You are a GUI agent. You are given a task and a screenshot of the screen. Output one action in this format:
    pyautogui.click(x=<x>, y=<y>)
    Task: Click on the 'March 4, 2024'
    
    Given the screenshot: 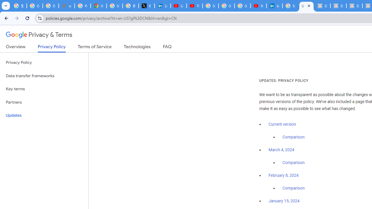 What is the action you would take?
    pyautogui.click(x=281, y=150)
    